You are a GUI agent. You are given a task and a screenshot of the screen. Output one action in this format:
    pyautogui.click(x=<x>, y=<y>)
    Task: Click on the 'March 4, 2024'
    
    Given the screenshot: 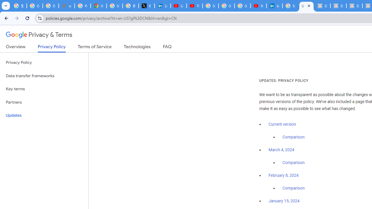 What is the action you would take?
    pyautogui.click(x=281, y=150)
    